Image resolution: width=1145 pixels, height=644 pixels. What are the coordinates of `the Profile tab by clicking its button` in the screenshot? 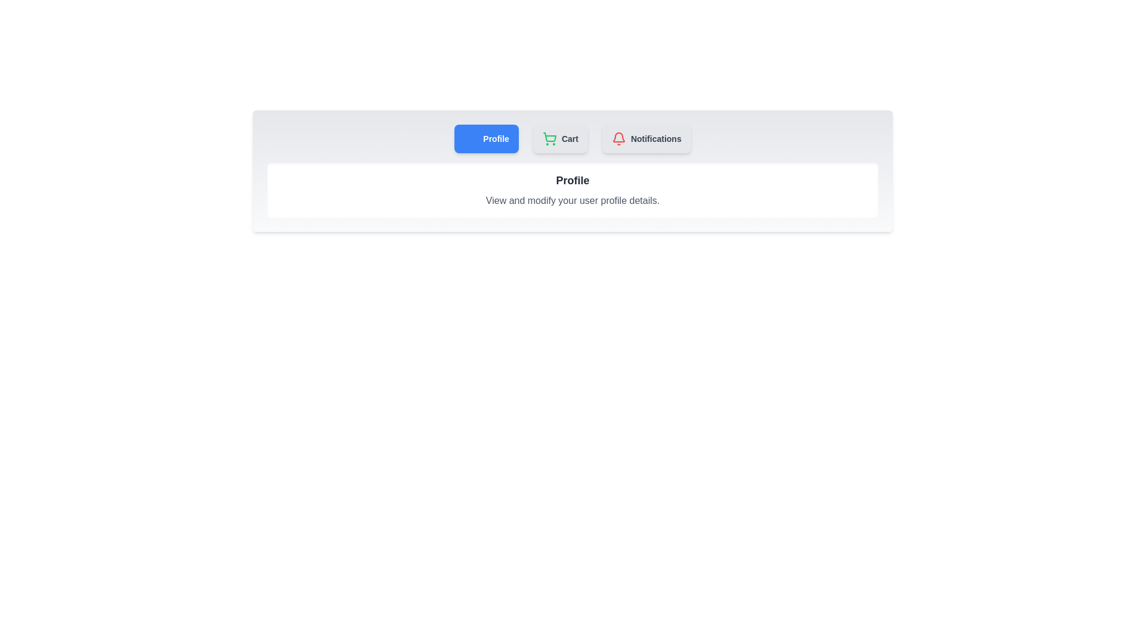 It's located at (487, 138).